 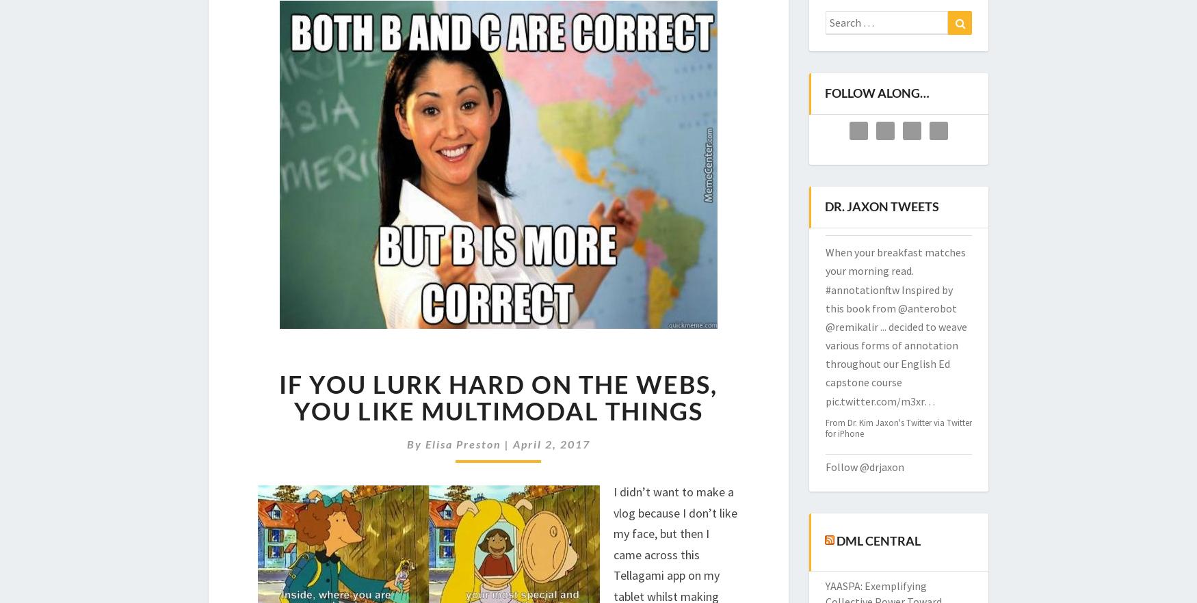 I want to click on 'Follow @drjaxon', so click(x=863, y=465).